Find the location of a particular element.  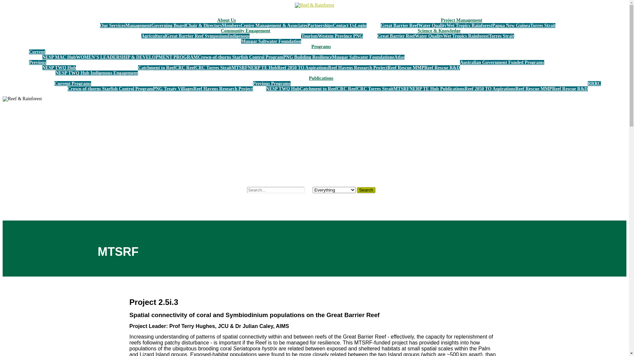

'NERP TE Hub' is located at coordinates (262, 68).